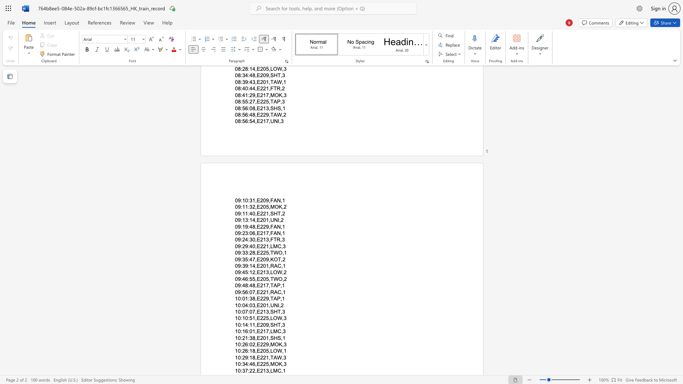 The height and width of the screenshot is (384, 683). I want to click on the space between the continuous character "3" and "8" in the text, so click(252, 299).